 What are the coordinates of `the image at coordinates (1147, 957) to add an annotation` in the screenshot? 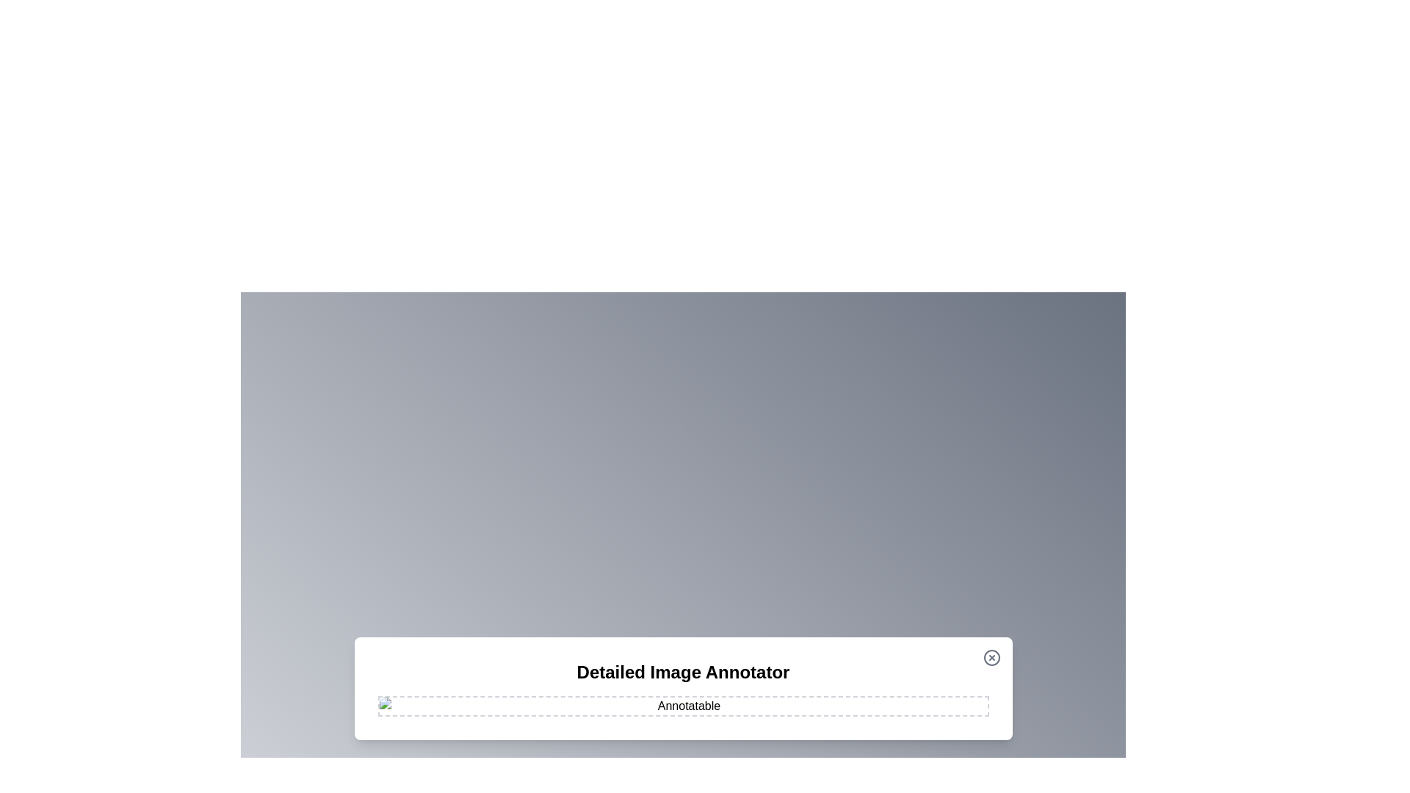 It's located at (842, 701).